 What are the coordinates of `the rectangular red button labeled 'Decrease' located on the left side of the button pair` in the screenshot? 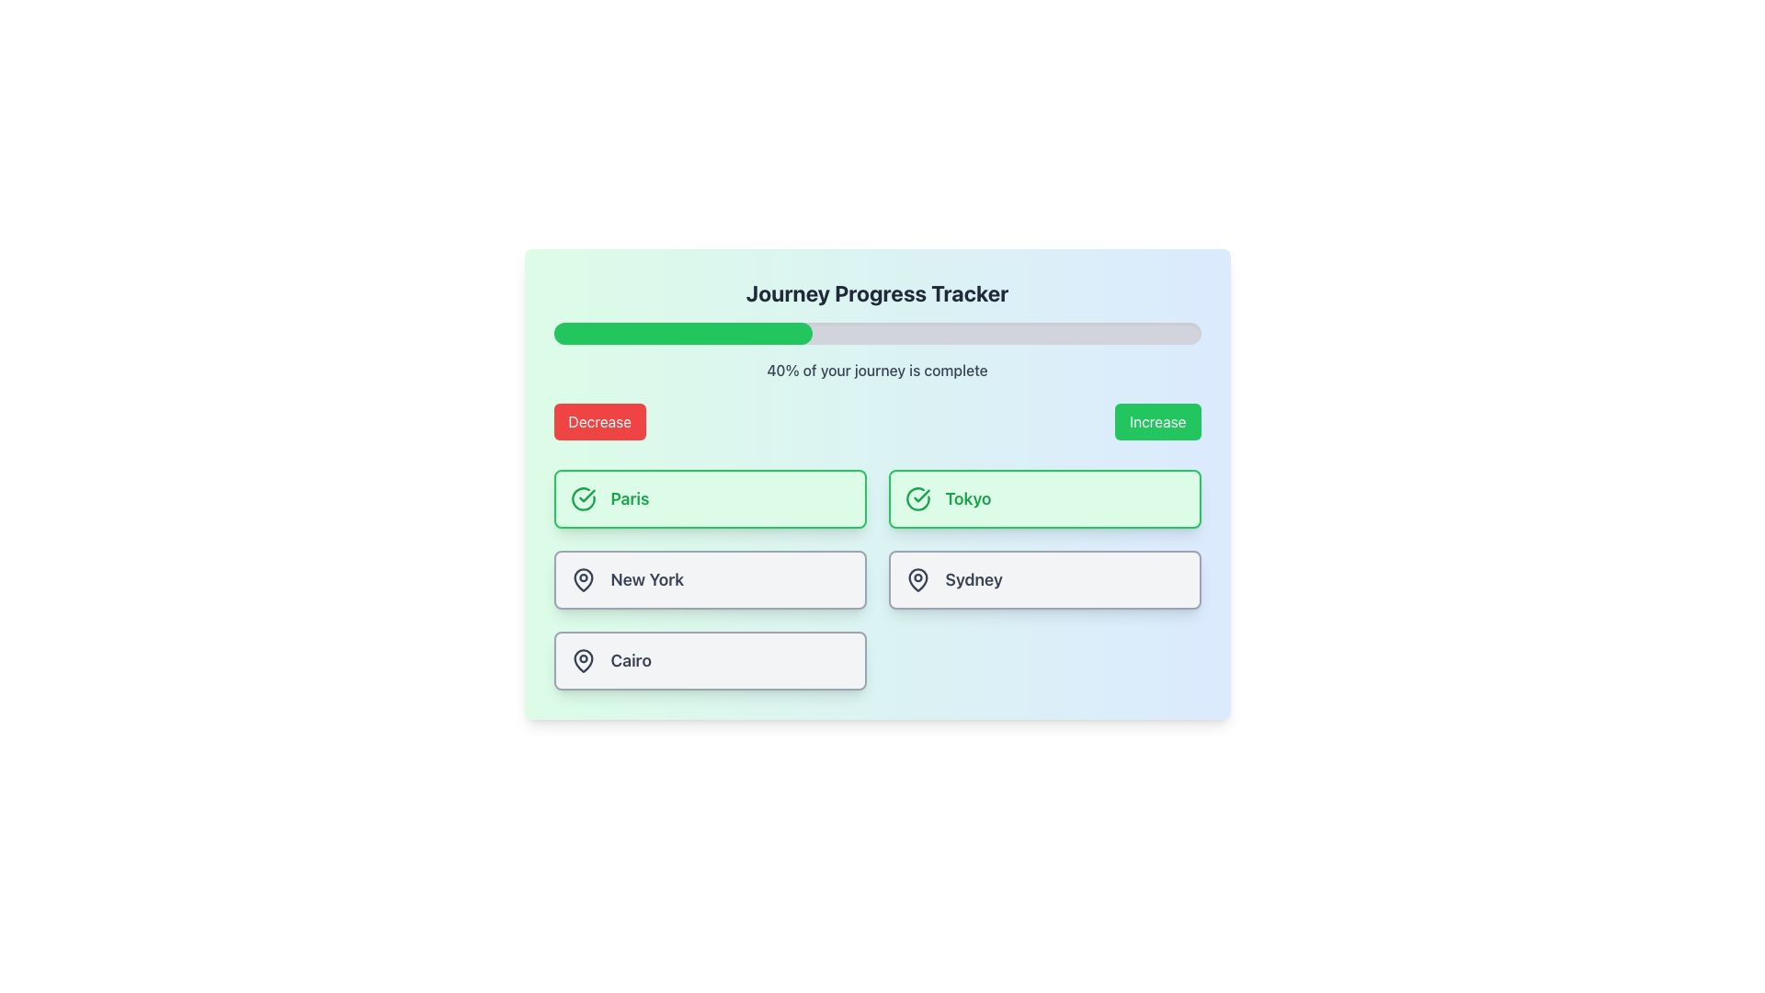 It's located at (599, 422).